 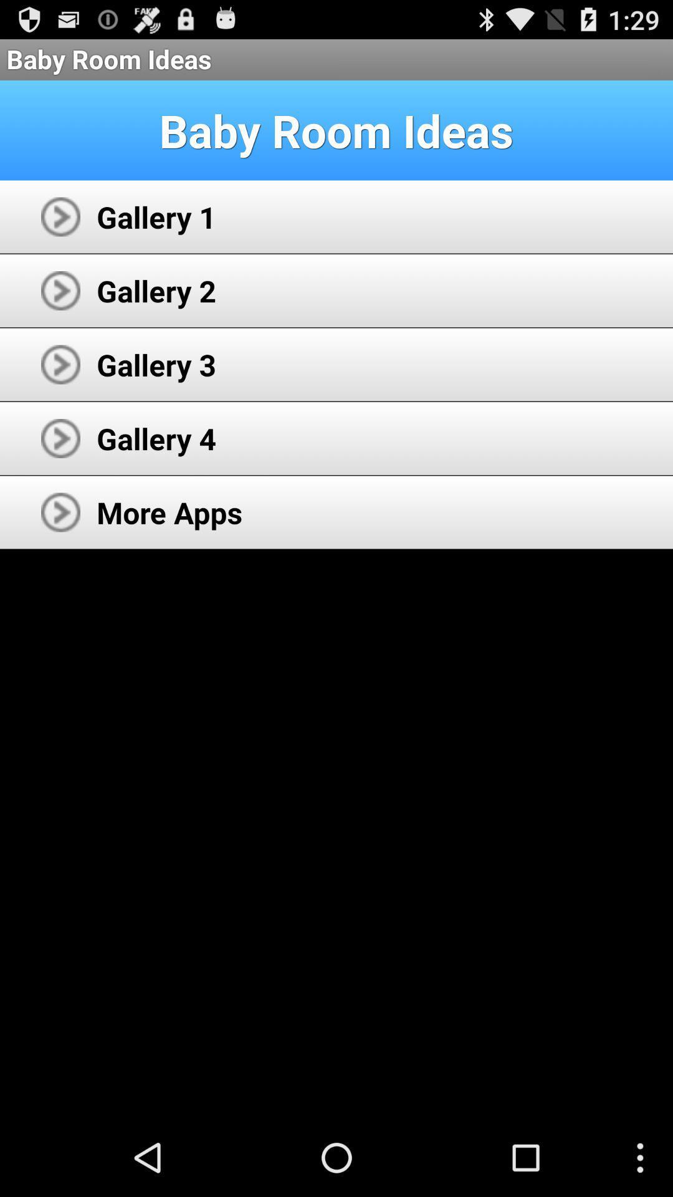 What do you see at coordinates (156, 216) in the screenshot?
I see `gallery 1` at bounding box center [156, 216].